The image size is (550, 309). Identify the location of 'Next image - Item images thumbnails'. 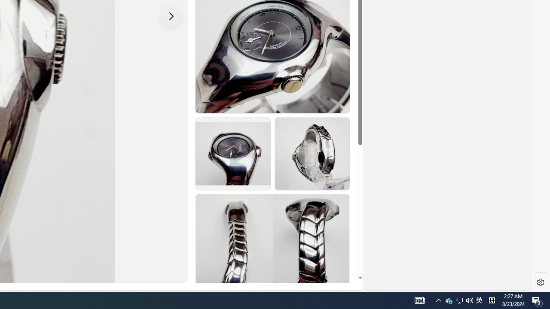
(171, 16).